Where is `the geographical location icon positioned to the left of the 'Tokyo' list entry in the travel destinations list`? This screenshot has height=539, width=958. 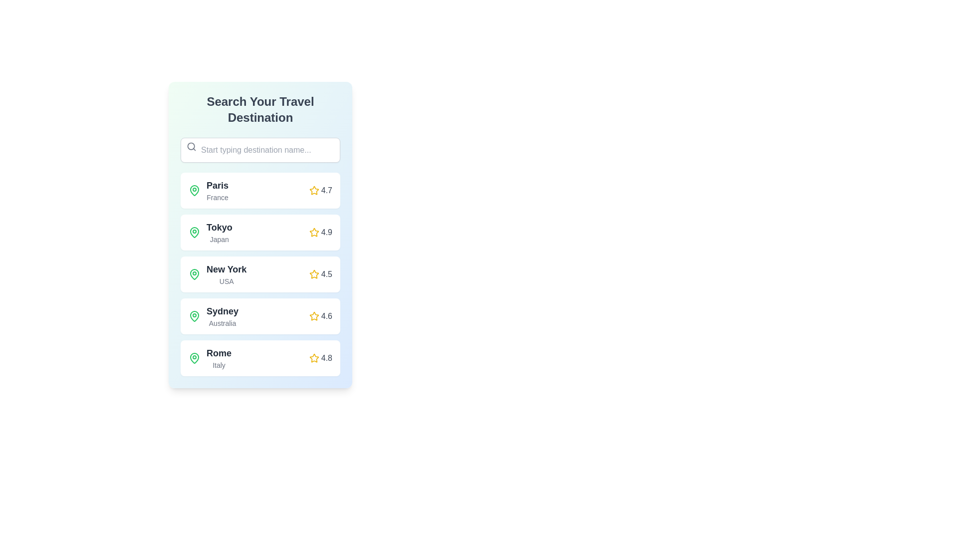 the geographical location icon positioned to the left of the 'Tokyo' list entry in the travel destinations list is located at coordinates (194, 233).